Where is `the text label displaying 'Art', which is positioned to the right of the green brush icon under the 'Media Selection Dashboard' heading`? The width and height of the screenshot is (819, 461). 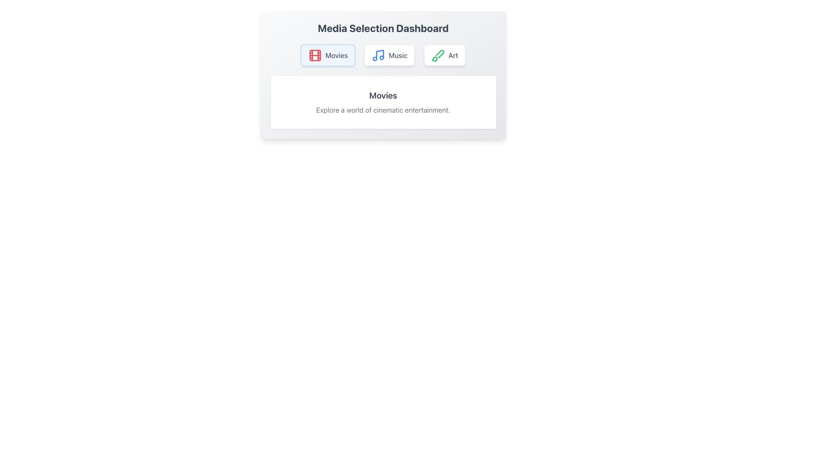 the text label displaying 'Art', which is positioned to the right of the green brush icon under the 'Media Selection Dashboard' heading is located at coordinates (453, 55).